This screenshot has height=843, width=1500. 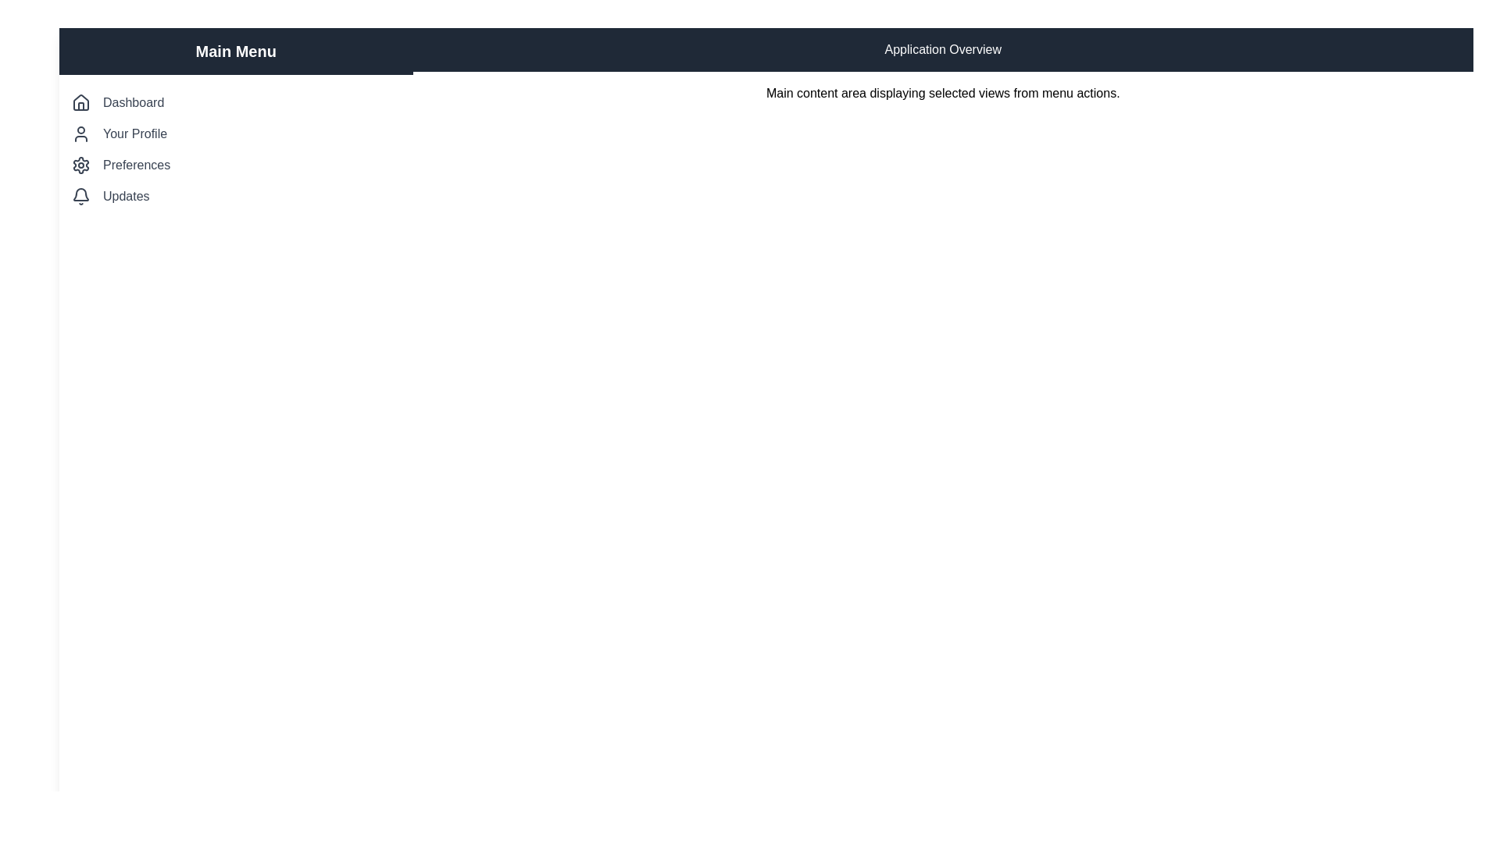 What do you see at coordinates (134, 102) in the screenshot?
I see `the 'Dashboard' text label in the left-side menu` at bounding box center [134, 102].